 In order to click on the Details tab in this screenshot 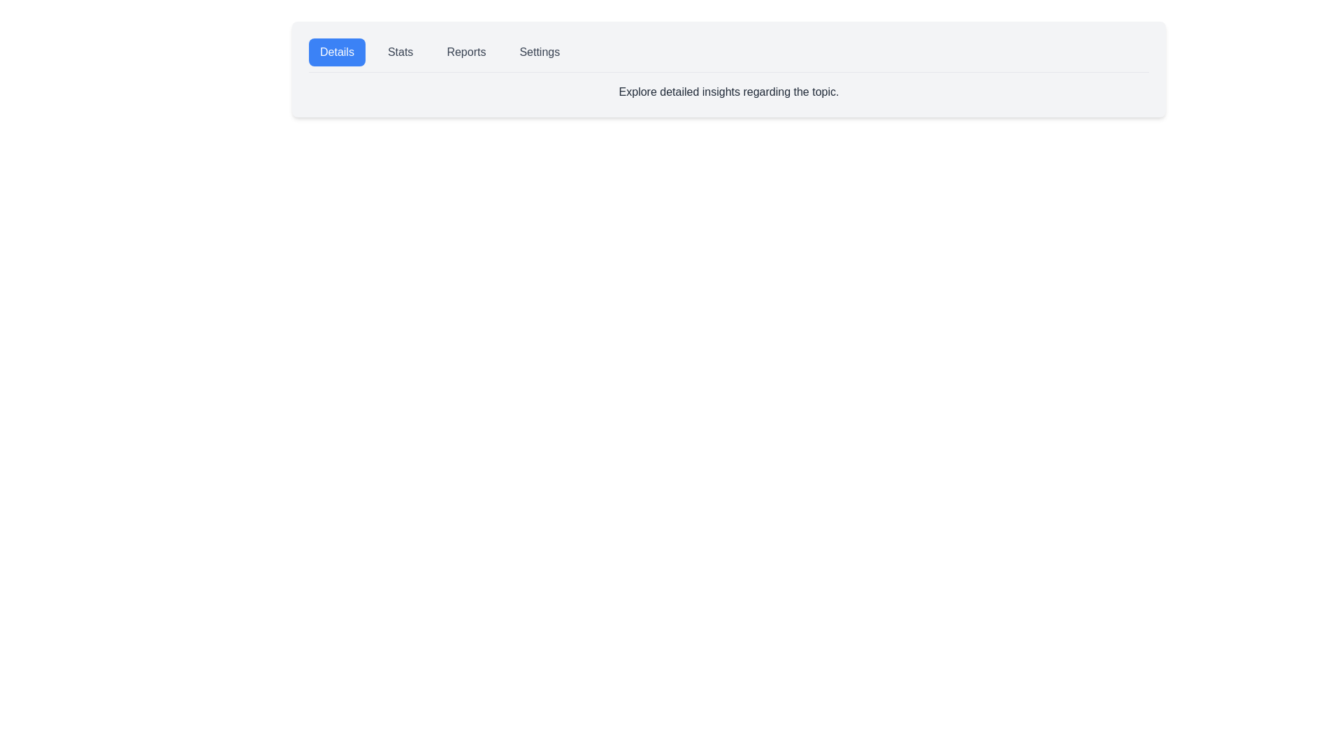, I will do `click(337, 51)`.